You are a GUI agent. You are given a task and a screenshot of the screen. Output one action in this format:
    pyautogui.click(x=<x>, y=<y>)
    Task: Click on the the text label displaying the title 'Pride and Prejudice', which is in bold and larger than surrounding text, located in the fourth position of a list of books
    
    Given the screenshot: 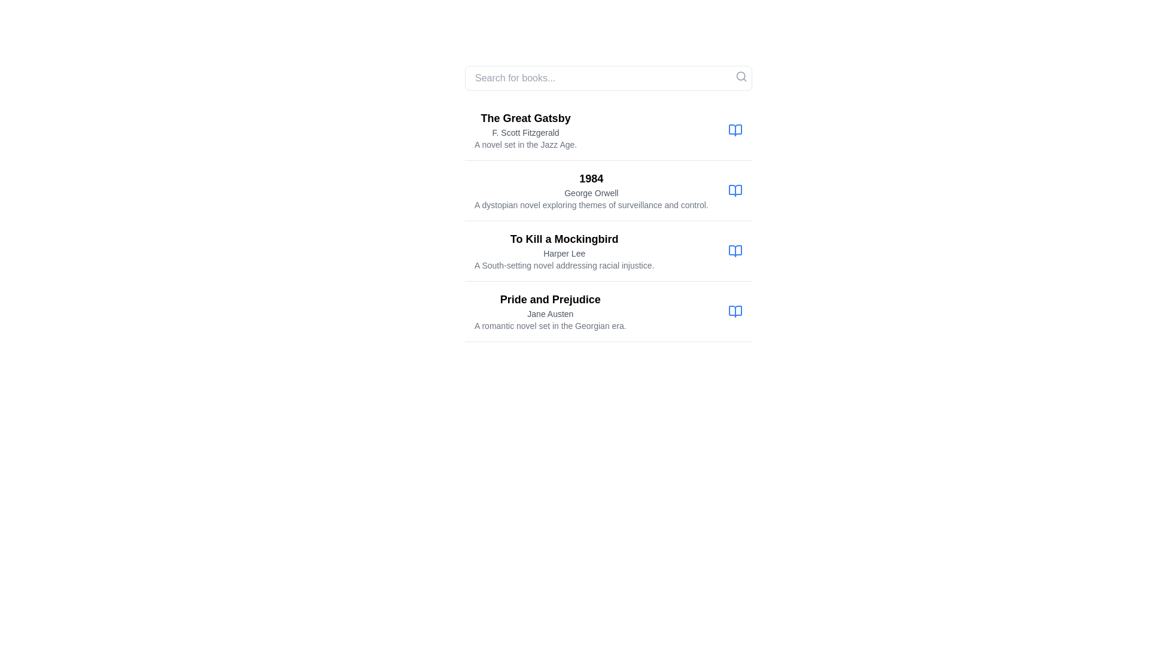 What is the action you would take?
    pyautogui.click(x=549, y=299)
    